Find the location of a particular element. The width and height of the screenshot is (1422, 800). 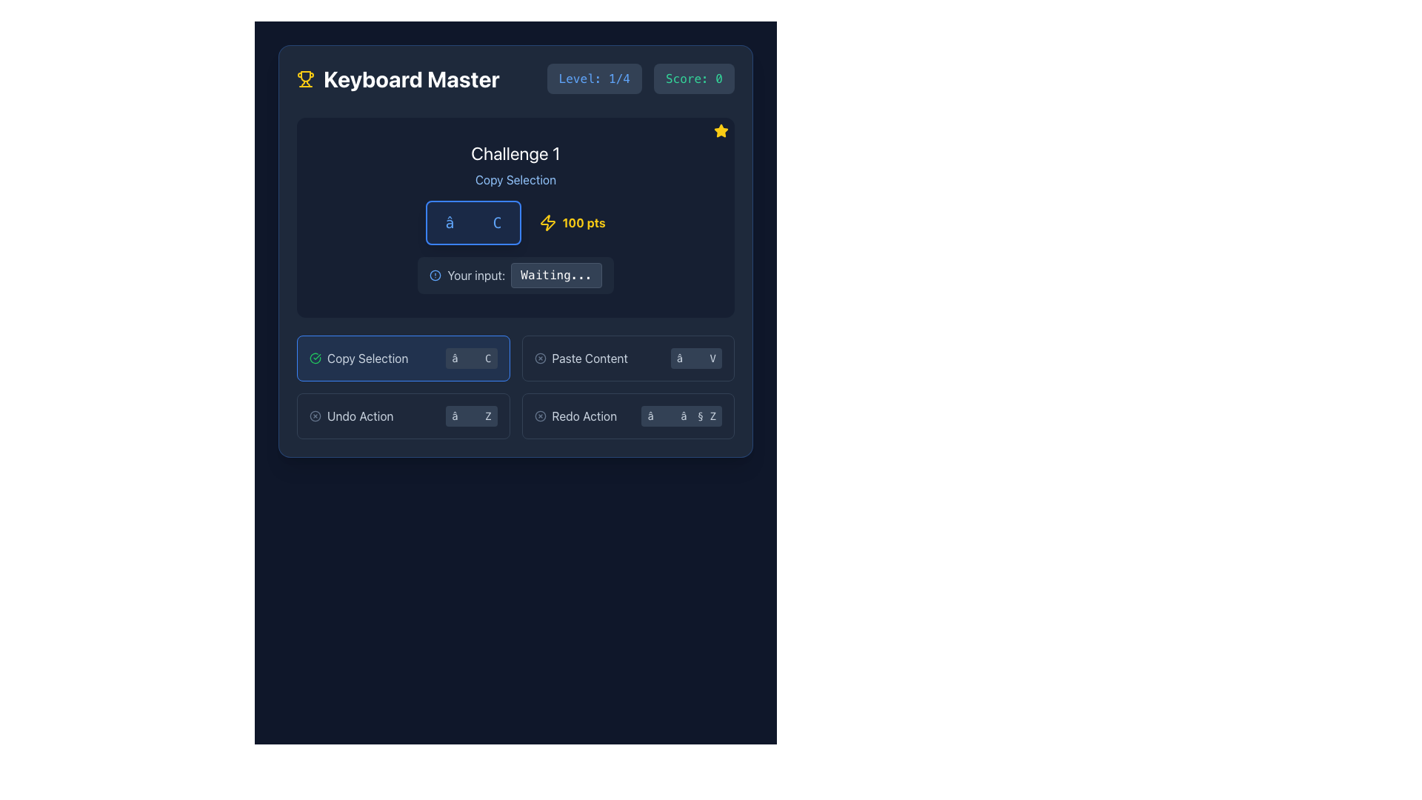

the text label displaying 'Challenge 1', which is styled with a large white font on a blue background, and is positioned centrally at the top of the interface is located at coordinates (515, 153).